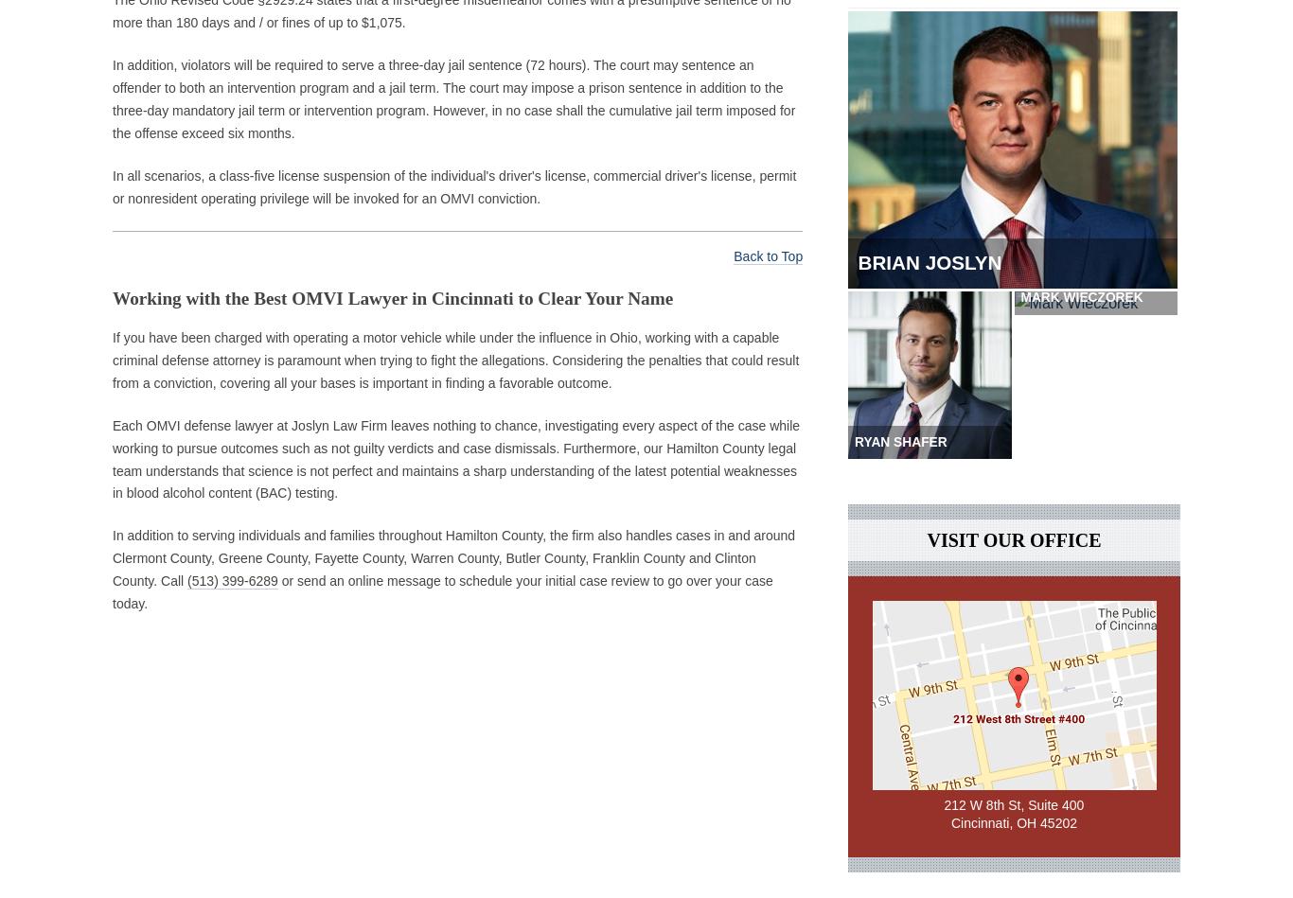  I want to click on 'Brian Joslyn', so click(942, 267).